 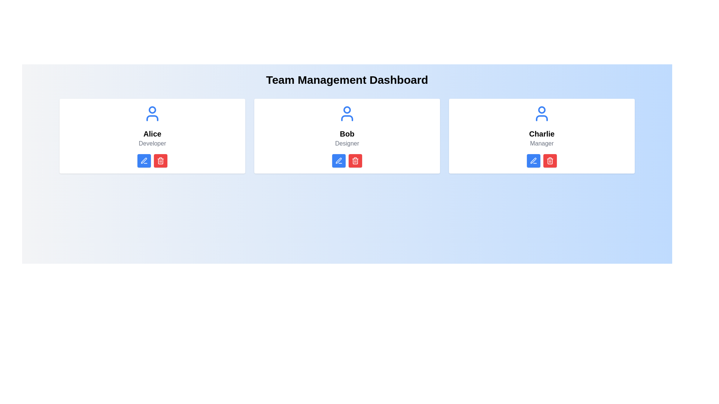 I want to click on the edit button located below the 'Charlie' card in the 'Team Management Dashboard' interface to modify details associated with the card, so click(x=533, y=160).